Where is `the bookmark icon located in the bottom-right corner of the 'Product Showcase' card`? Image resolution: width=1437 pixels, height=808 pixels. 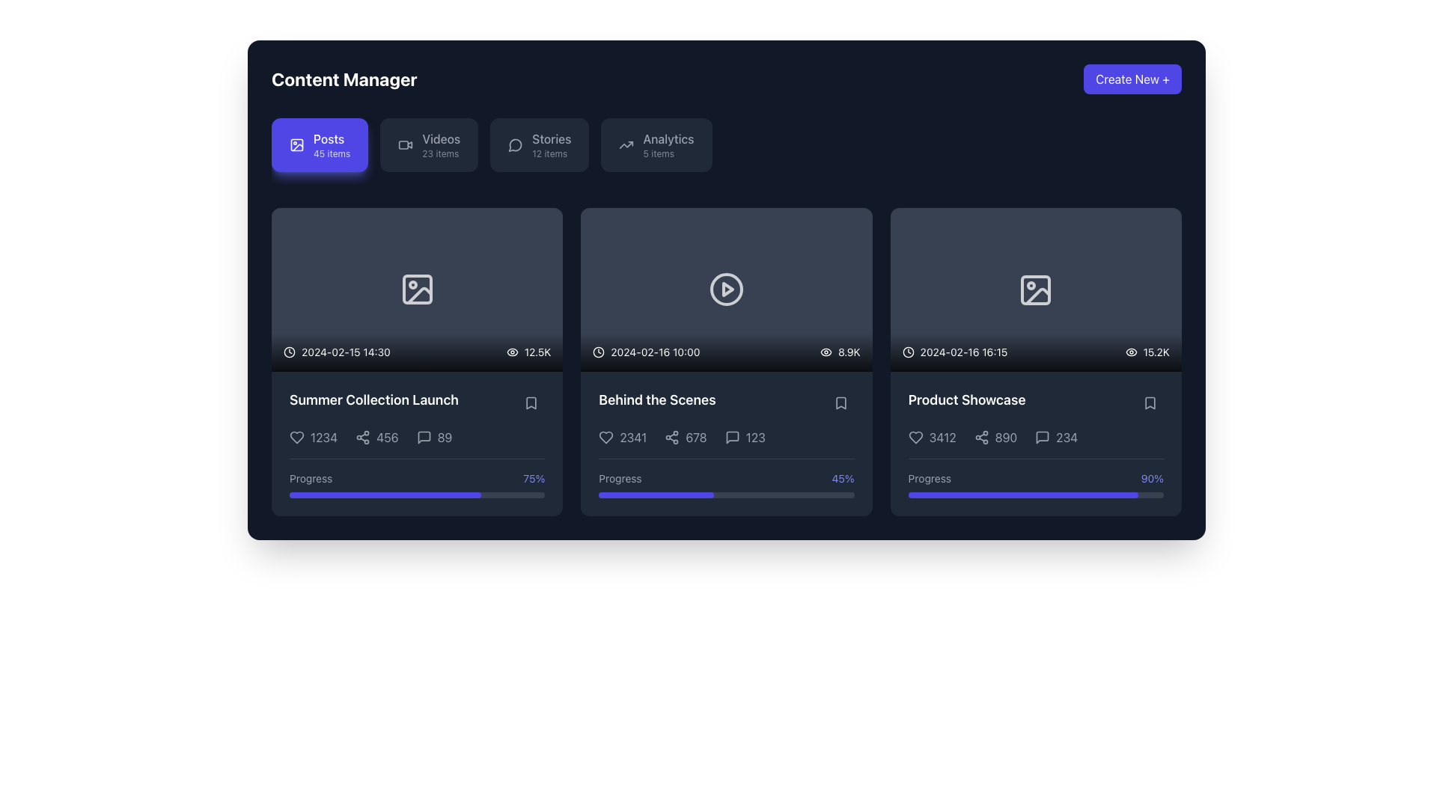
the bookmark icon located in the bottom-right corner of the 'Product Showcase' card is located at coordinates (1149, 403).